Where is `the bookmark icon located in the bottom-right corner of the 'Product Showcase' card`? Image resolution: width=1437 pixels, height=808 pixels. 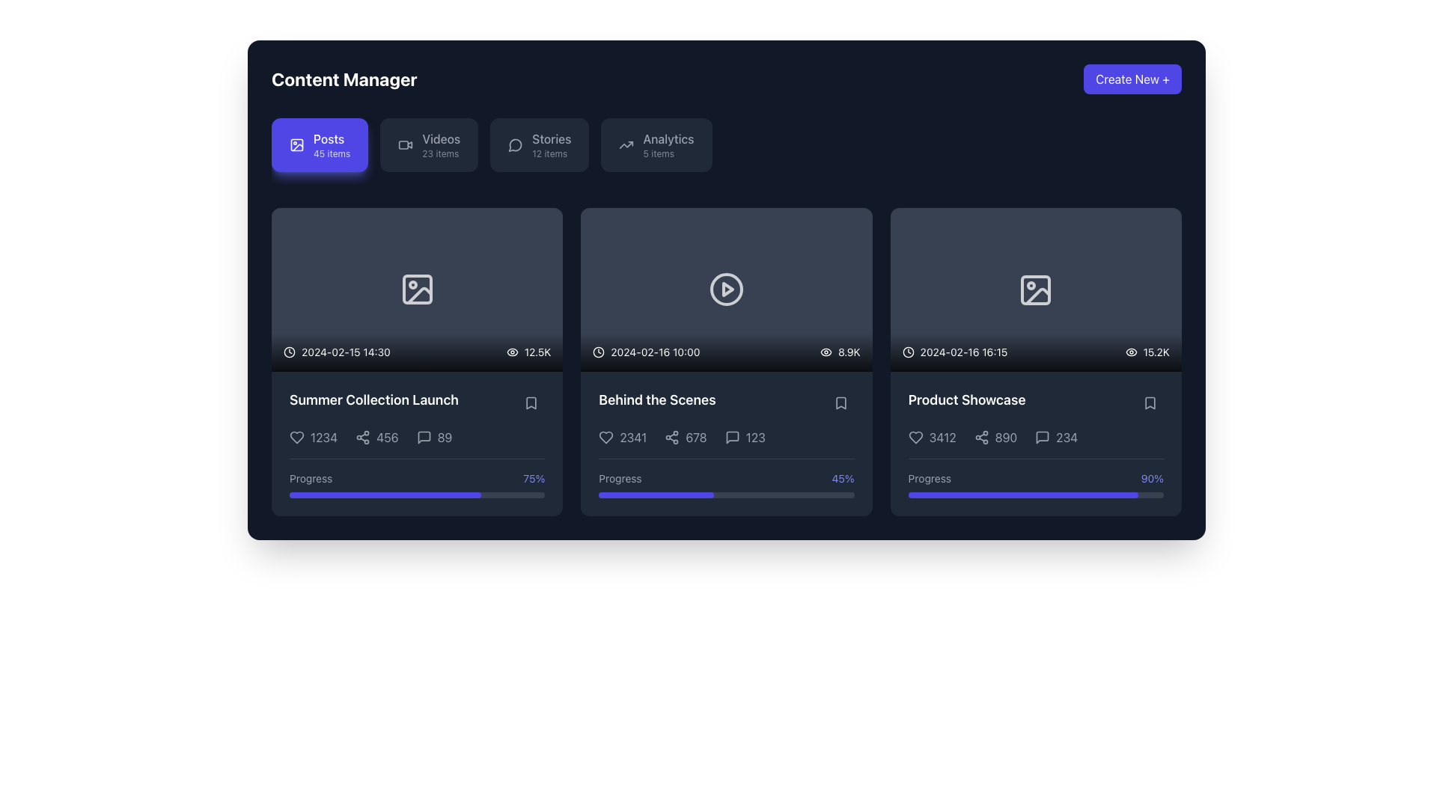
the bookmark icon located in the bottom-right corner of the 'Product Showcase' card is located at coordinates (1149, 403).